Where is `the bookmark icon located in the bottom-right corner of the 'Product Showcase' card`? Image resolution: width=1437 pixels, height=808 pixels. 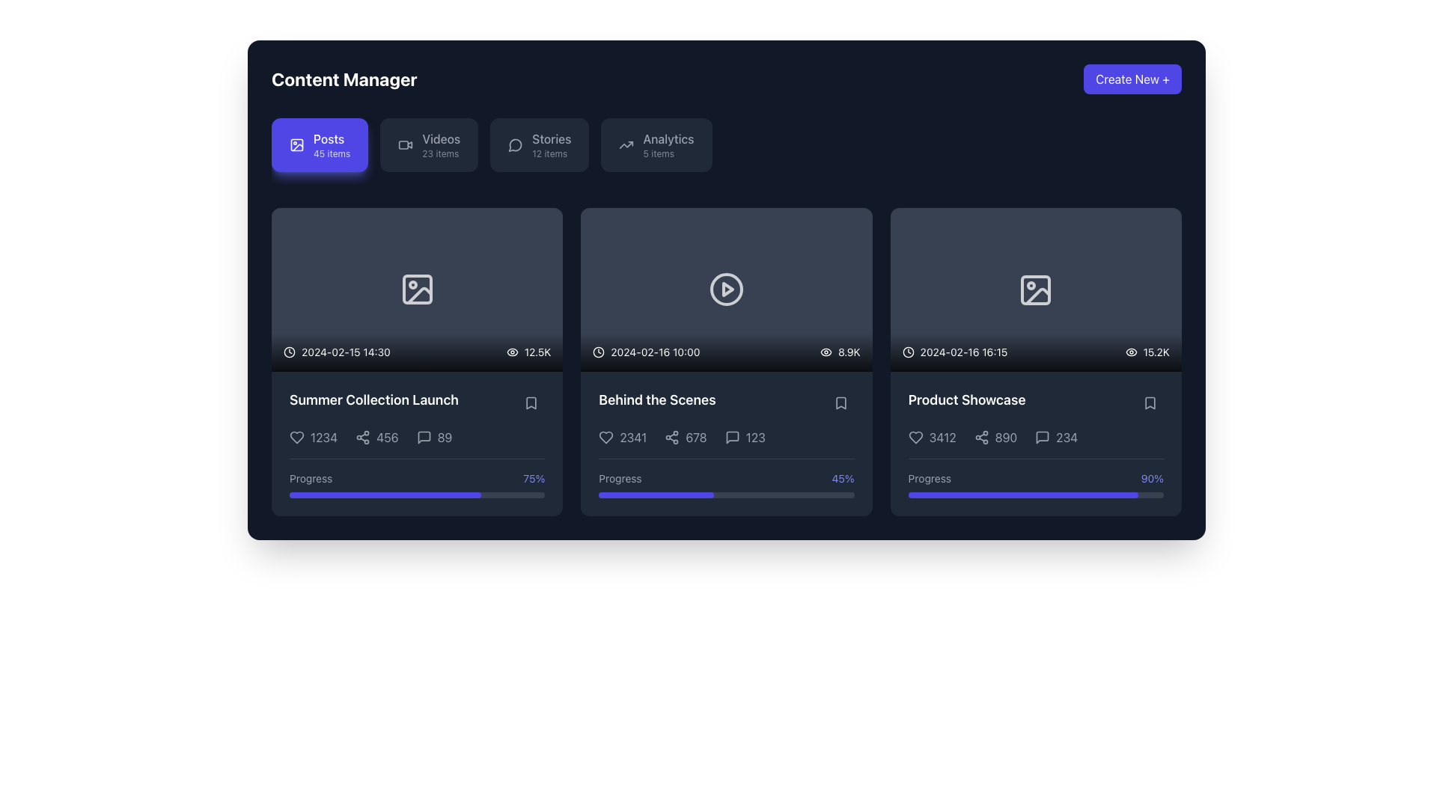
the bookmark icon located in the bottom-right corner of the 'Product Showcase' card is located at coordinates (1149, 403).